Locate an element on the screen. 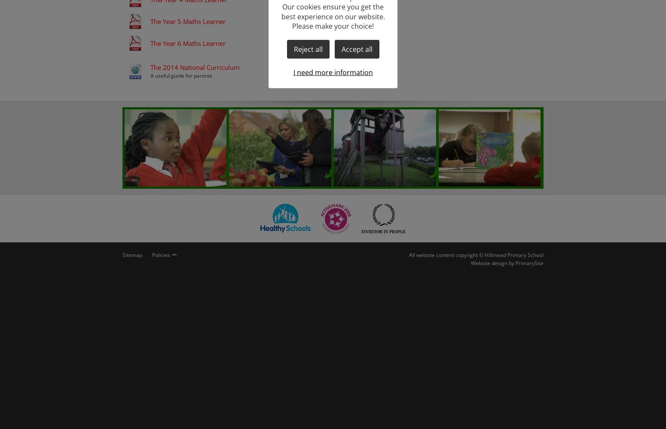  'A useful guide for parents' is located at coordinates (181, 76).